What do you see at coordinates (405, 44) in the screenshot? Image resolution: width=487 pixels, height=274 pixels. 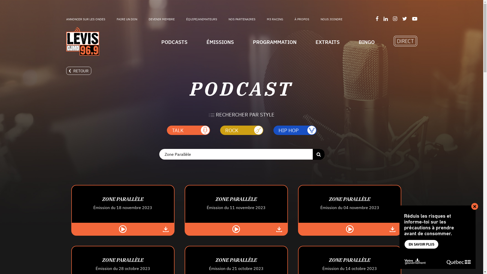 I see `'En Direct'` at bounding box center [405, 44].